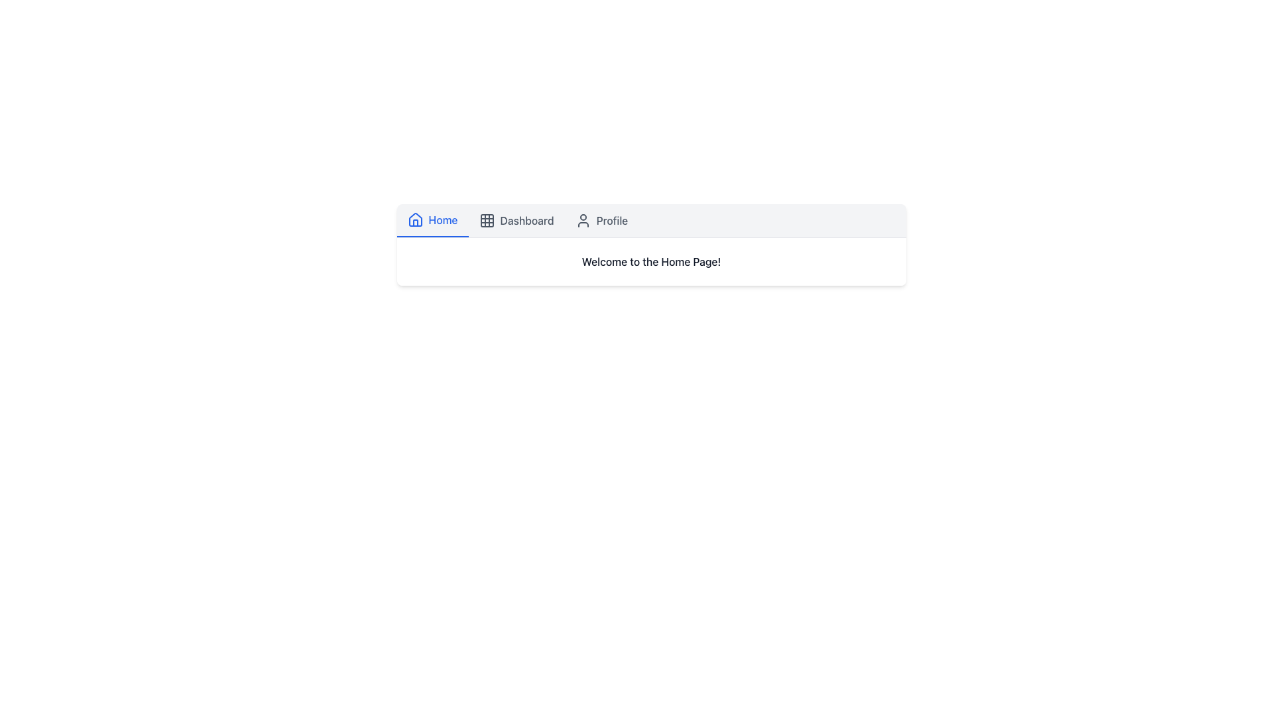  Describe the element at coordinates (486, 219) in the screenshot. I see `the top-left square icon in the grid-style navigation menu next to the 'Dashboard' tab` at that location.